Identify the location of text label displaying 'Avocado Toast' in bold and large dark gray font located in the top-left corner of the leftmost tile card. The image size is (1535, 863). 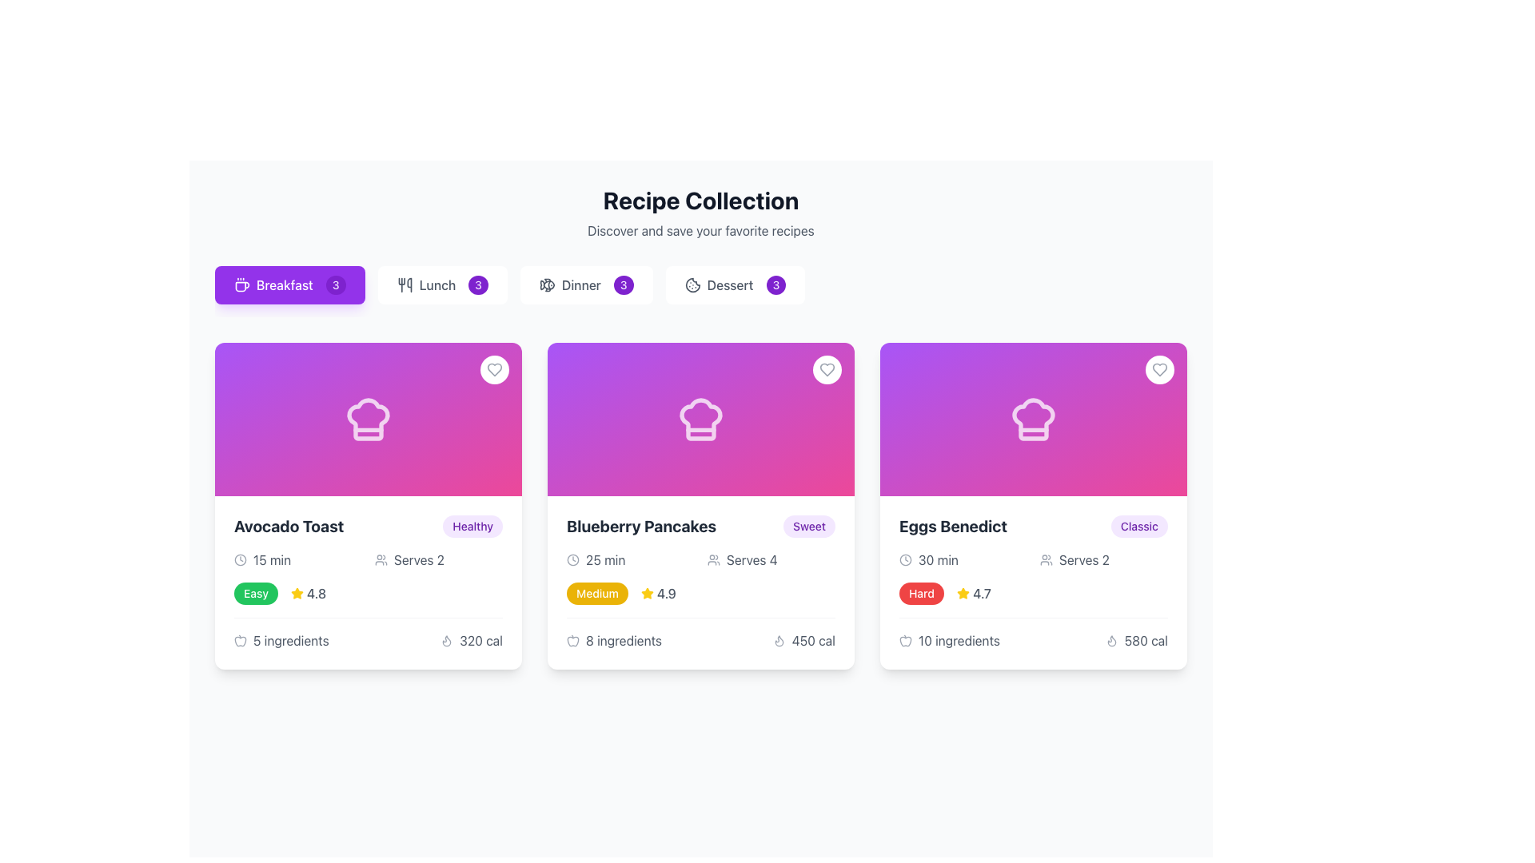
(289, 527).